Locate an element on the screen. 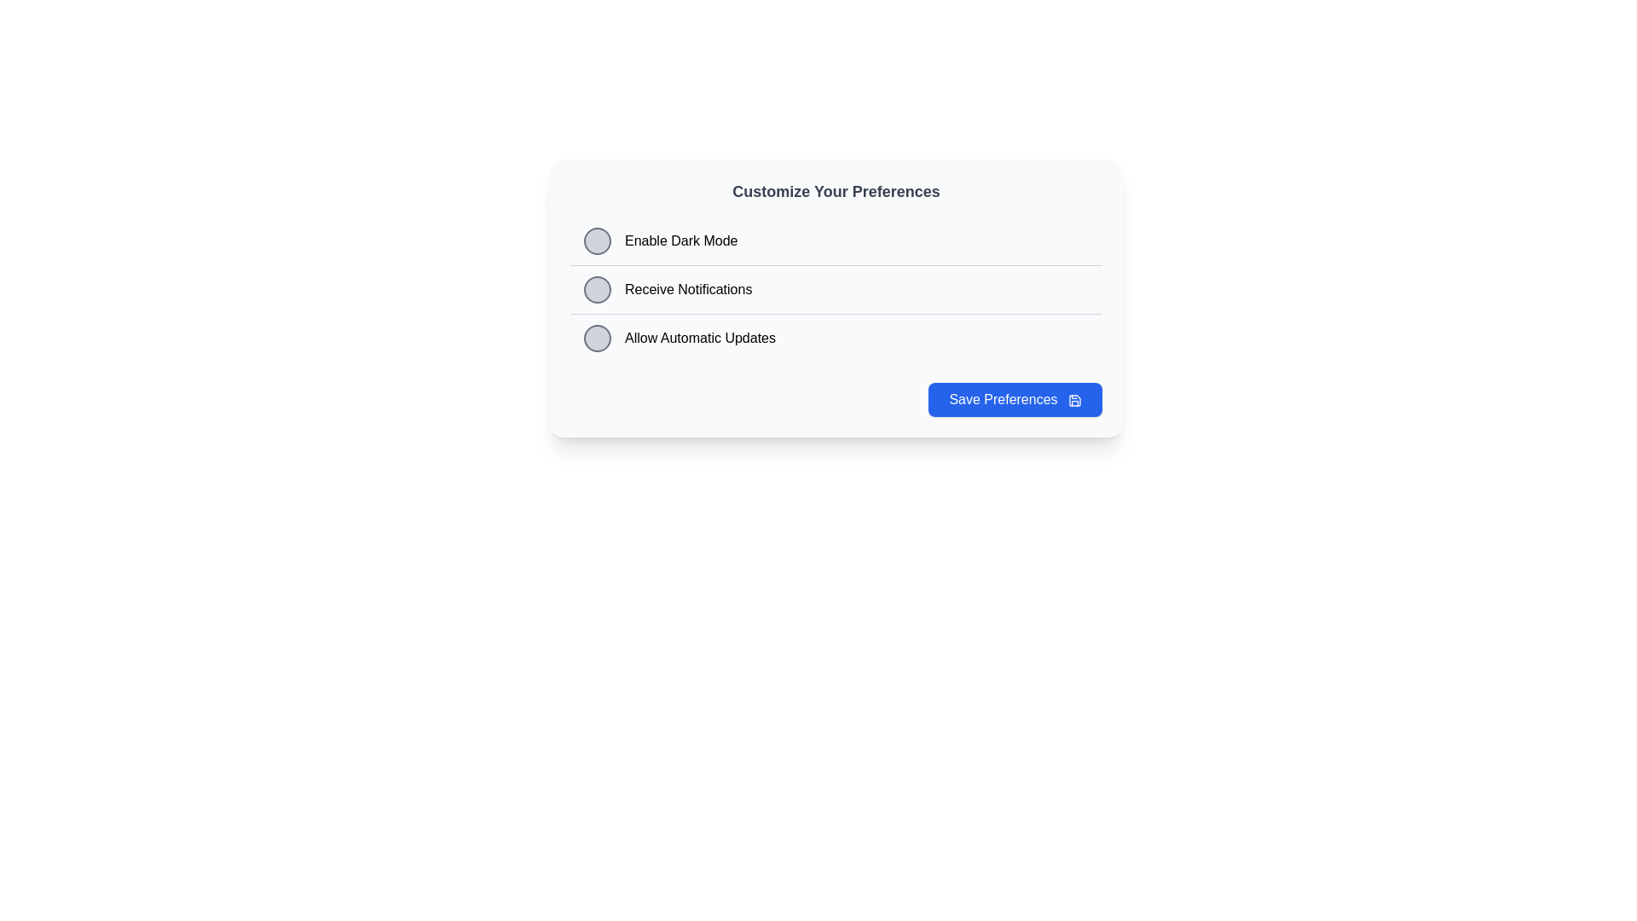  the 'Allow Automatic Updates' selectable list item with a circular toggle indicator is located at coordinates (836, 338).